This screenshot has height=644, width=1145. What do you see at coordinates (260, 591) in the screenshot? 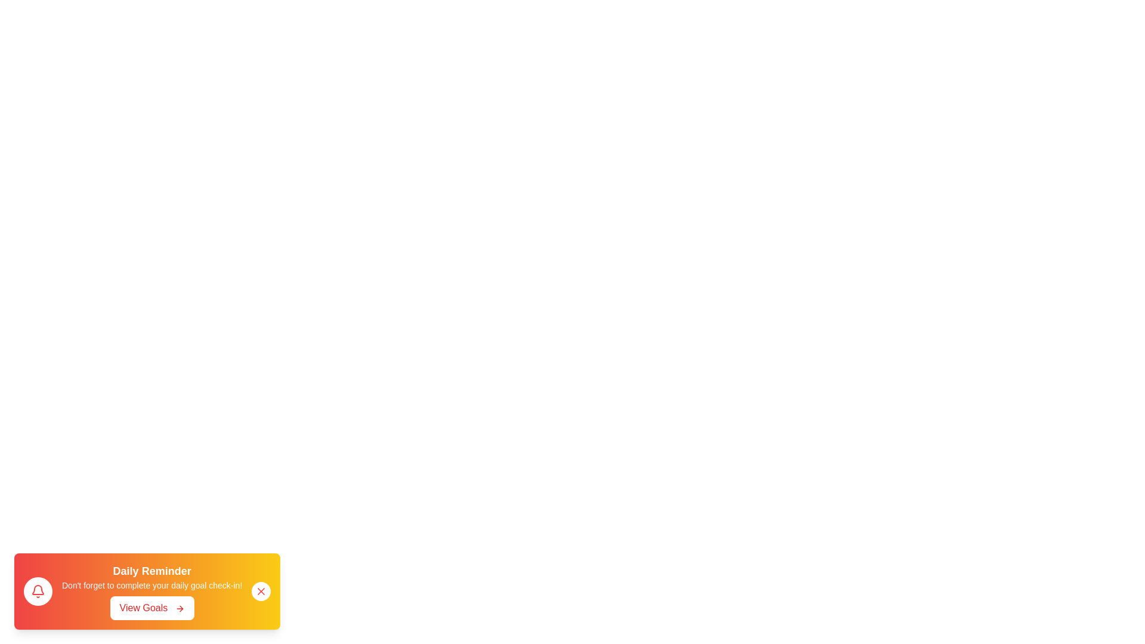
I see `the close button to dismiss the notification` at bounding box center [260, 591].